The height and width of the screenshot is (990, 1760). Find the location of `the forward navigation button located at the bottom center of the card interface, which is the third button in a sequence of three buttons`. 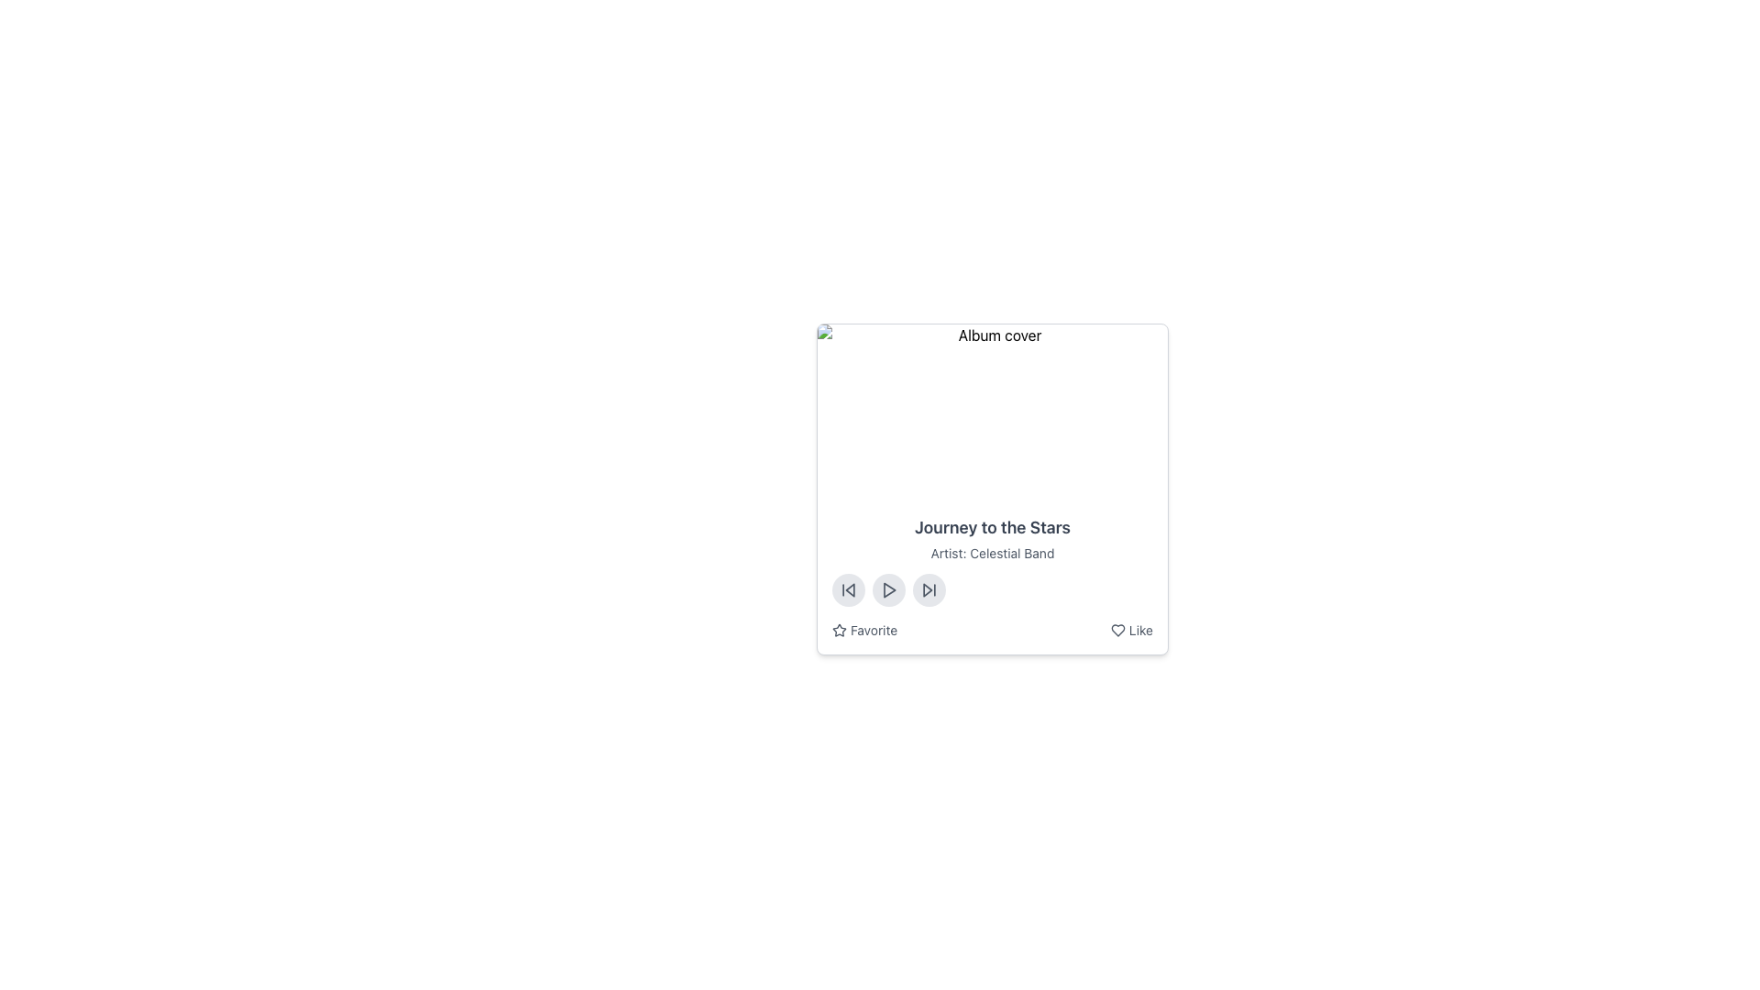

the forward navigation button located at the bottom center of the card interface, which is the third button in a sequence of three buttons is located at coordinates (929, 590).